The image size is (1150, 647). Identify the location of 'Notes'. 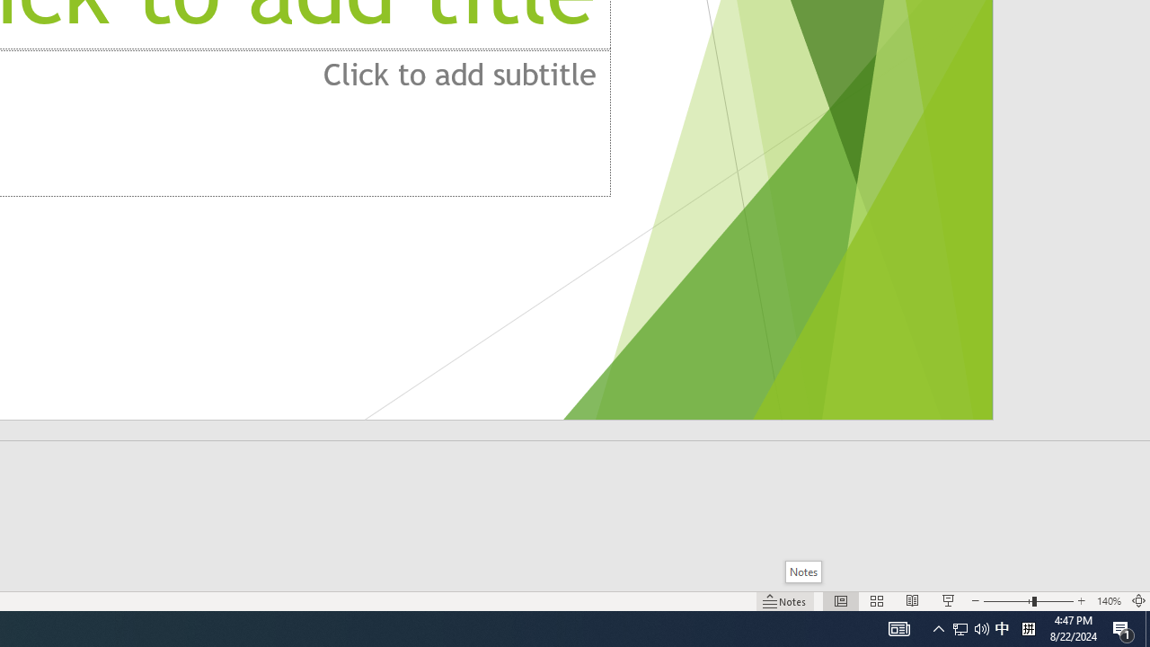
(802, 572).